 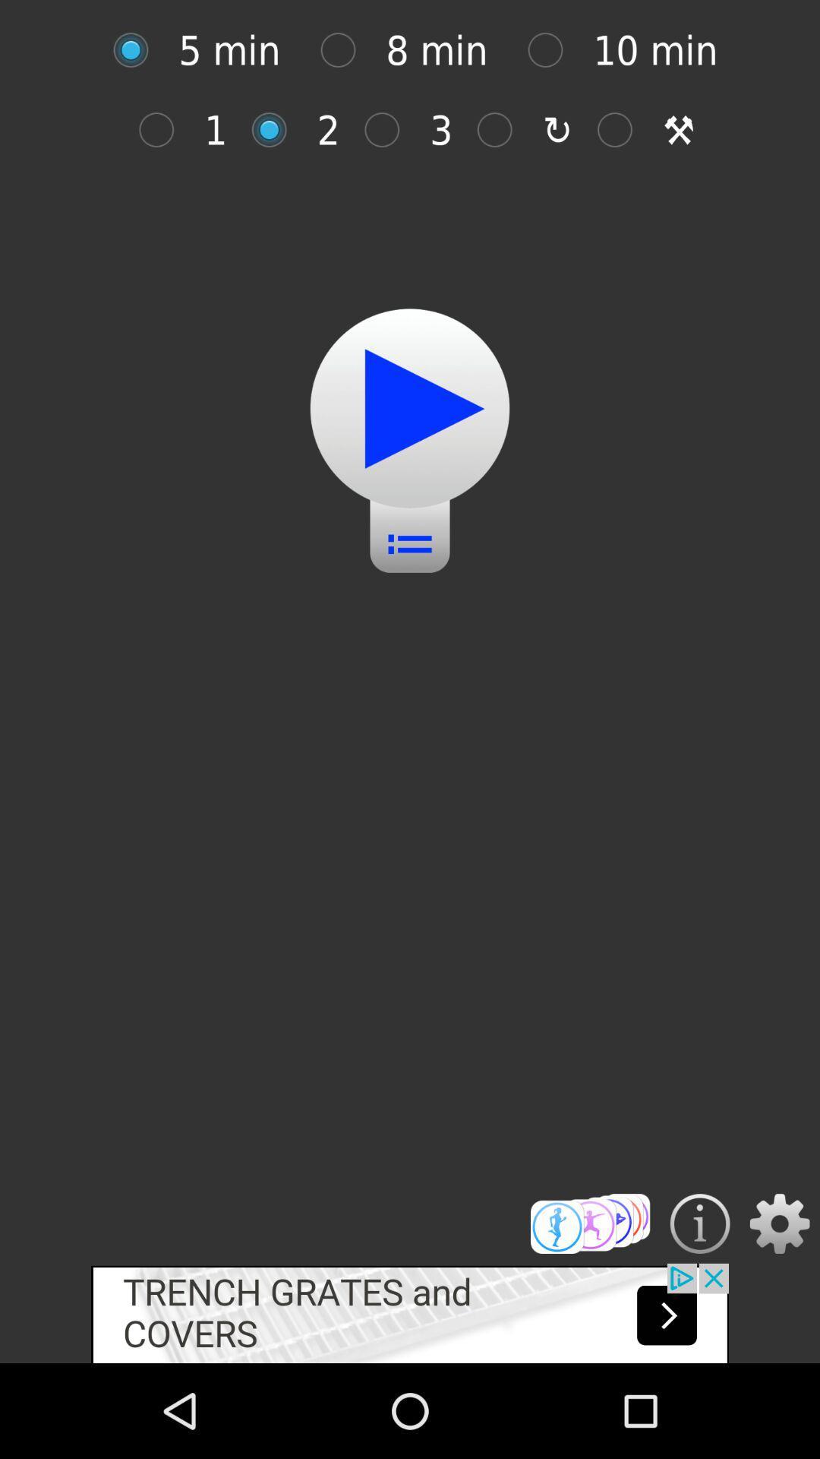 I want to click on 8 min, so click(x=345, y=50).